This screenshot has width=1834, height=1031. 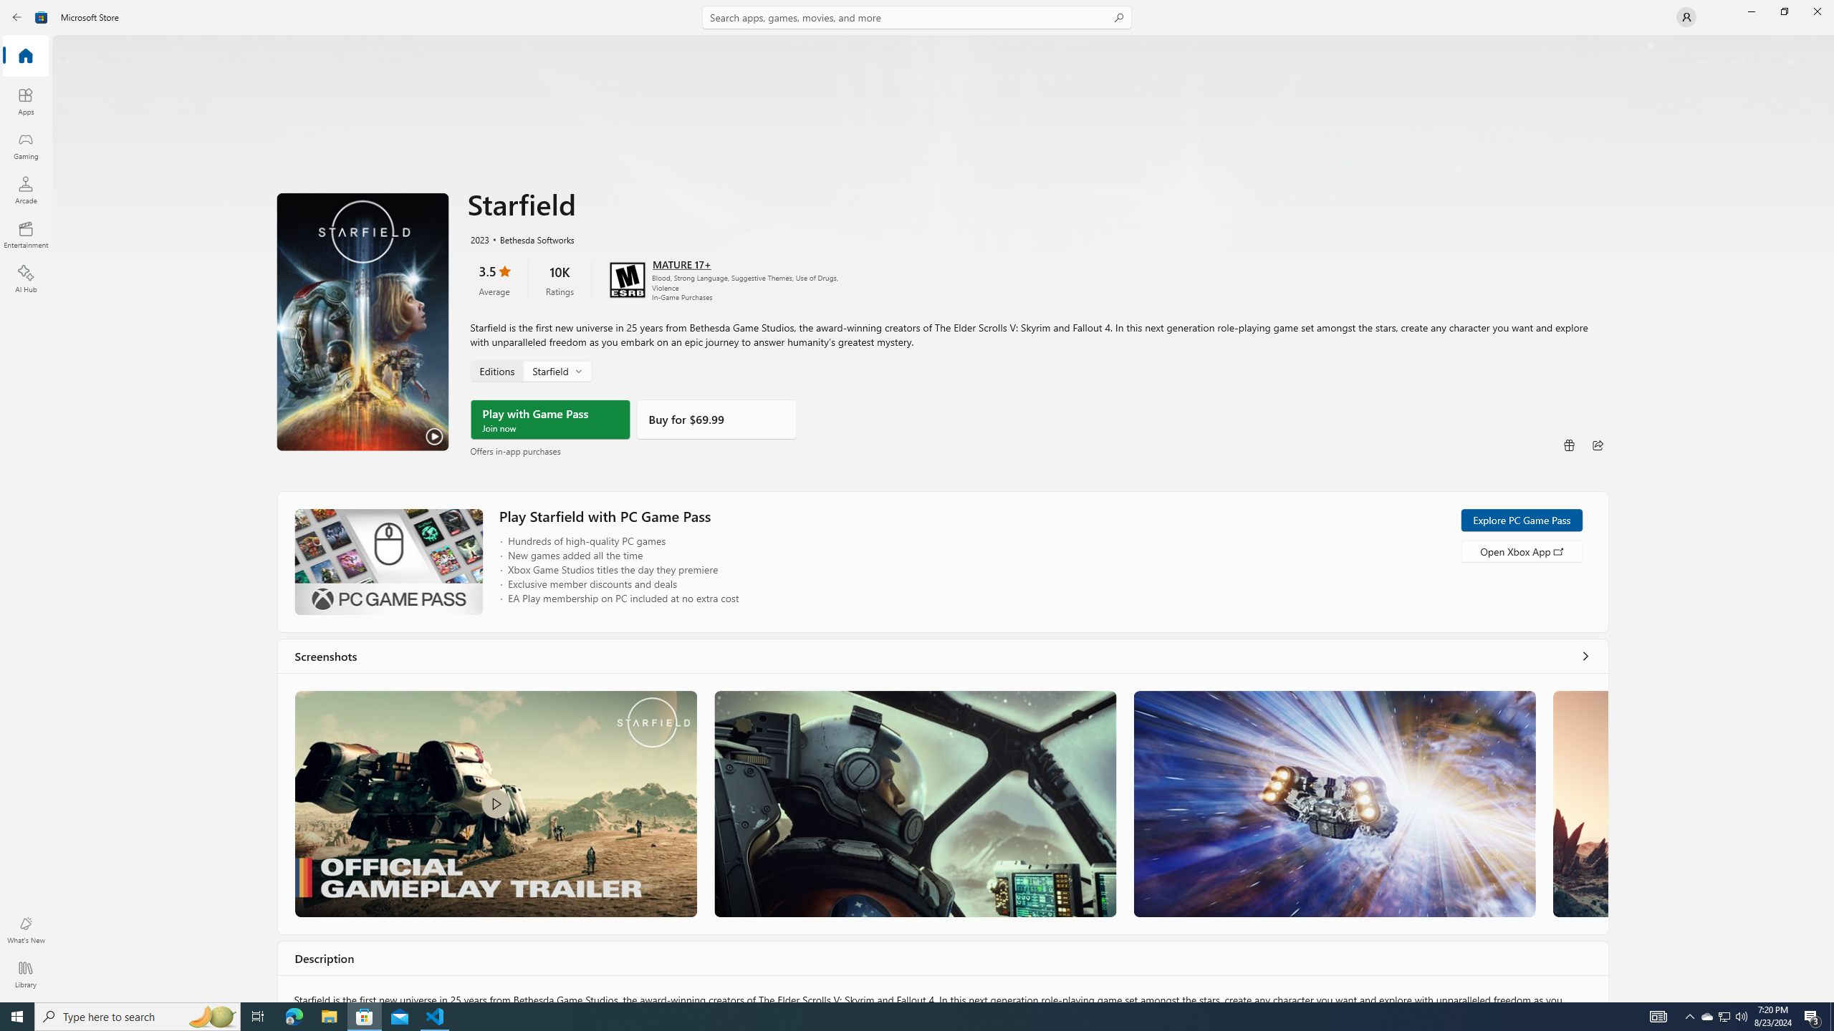 I want to click on '3.5 stars. Click to skip to ratings and reviews', so click(x=493, y=279).